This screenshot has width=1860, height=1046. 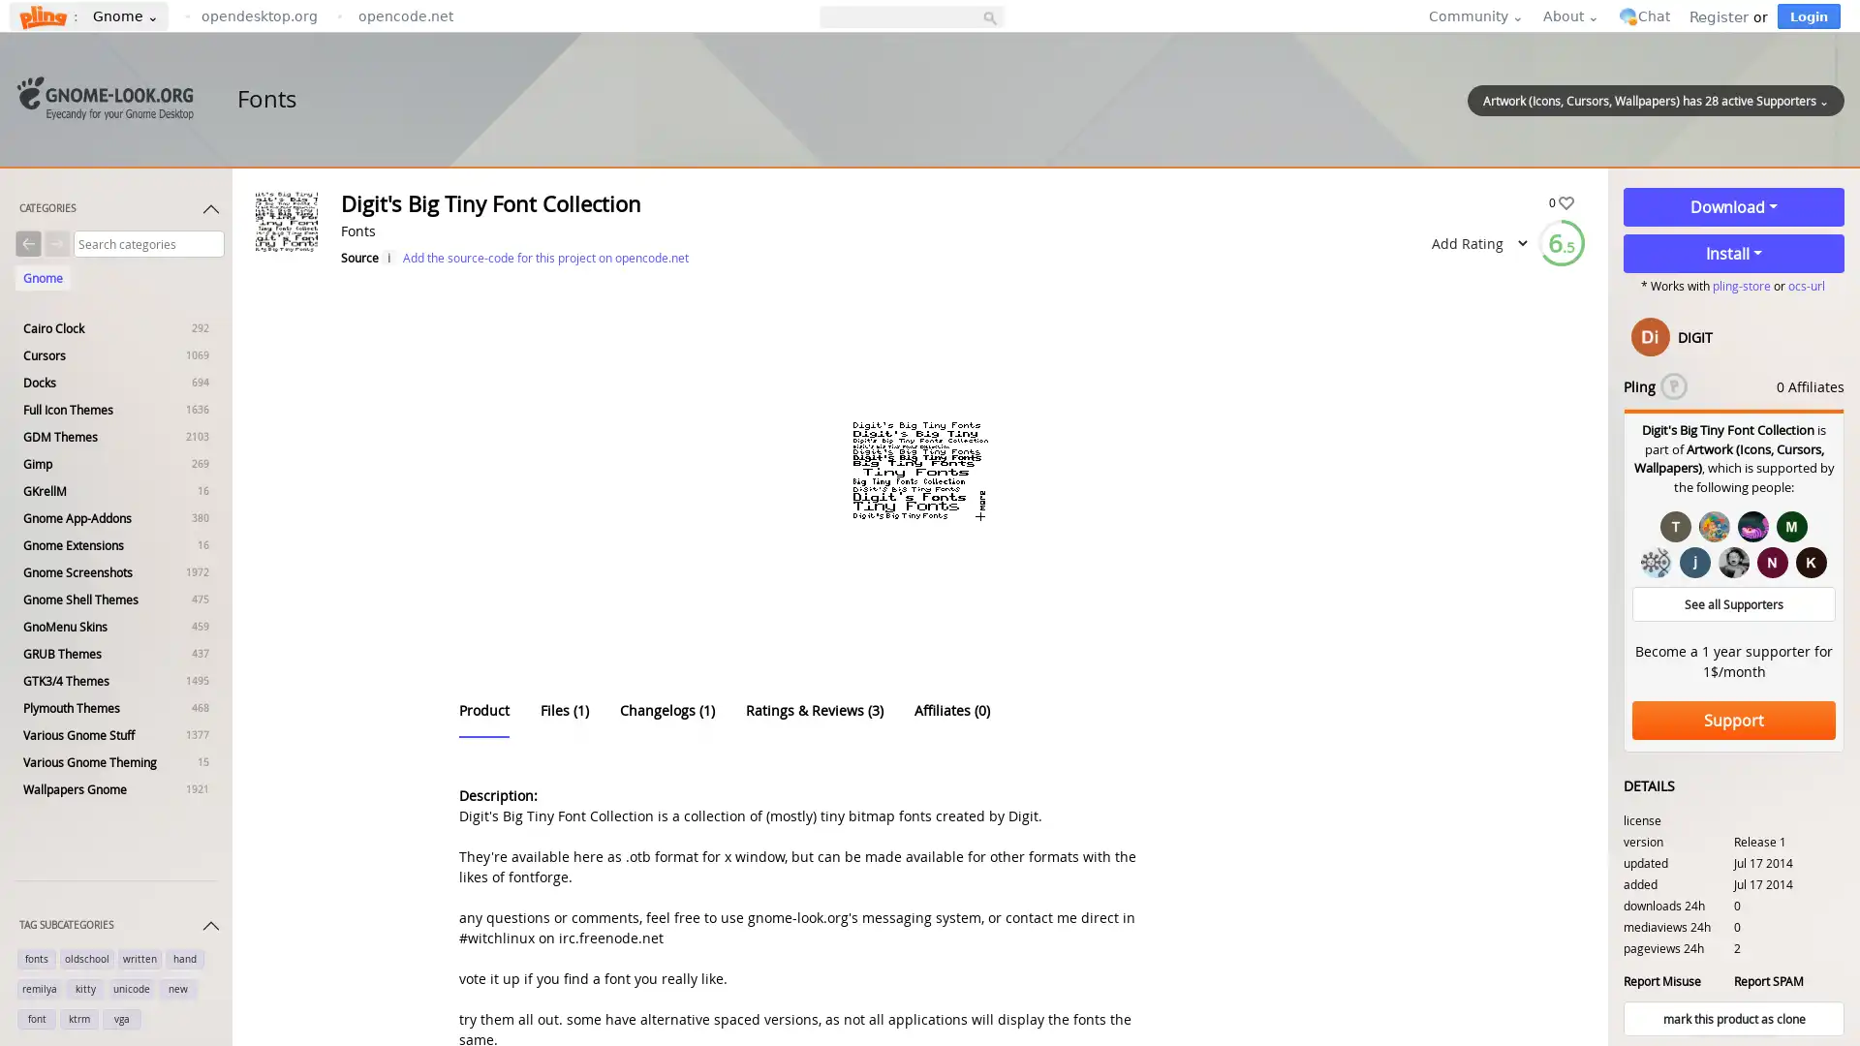 What do you see at coordinates (1734, 1018) in the screenshot?
I see `mark this product as clone` at bounding box center [1734, 1018].